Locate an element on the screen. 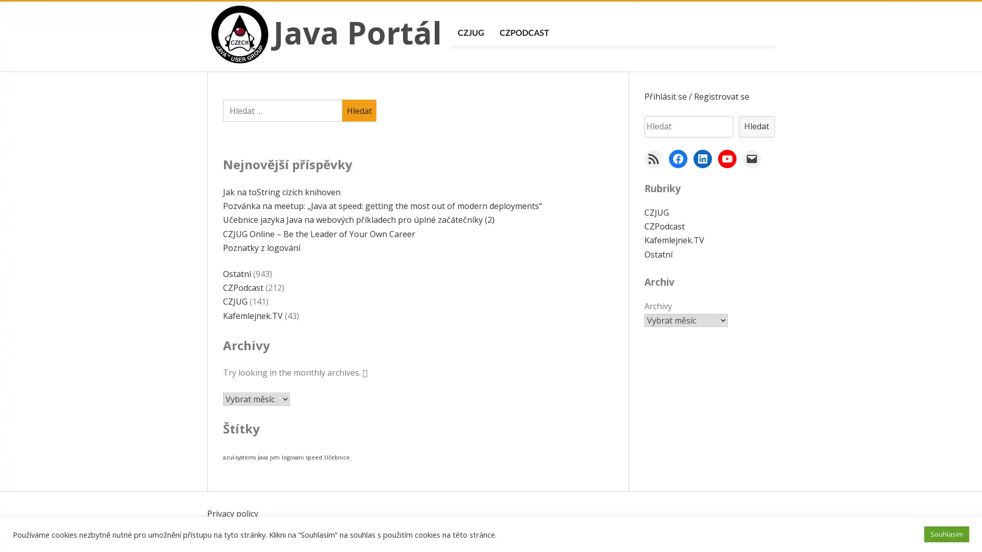  Souhlasim is located at coordinates (946, 534).